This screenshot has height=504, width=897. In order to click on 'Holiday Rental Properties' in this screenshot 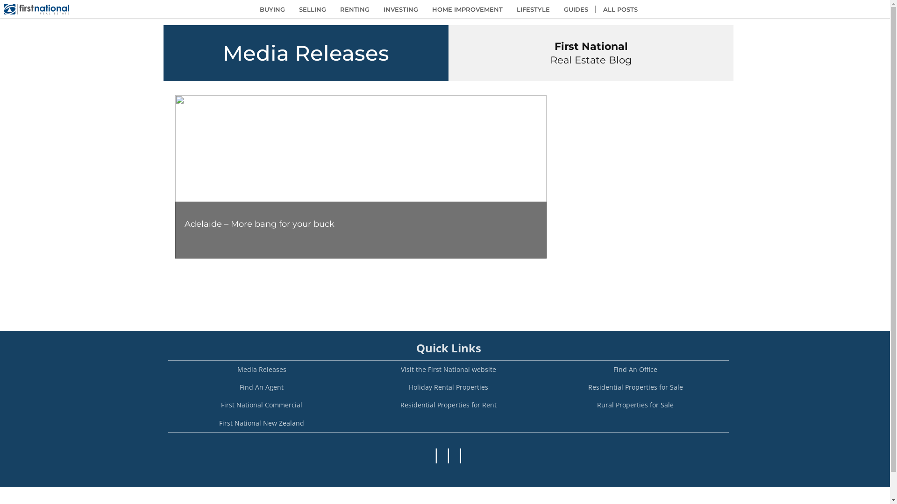, I will do `click(354, 387)`.